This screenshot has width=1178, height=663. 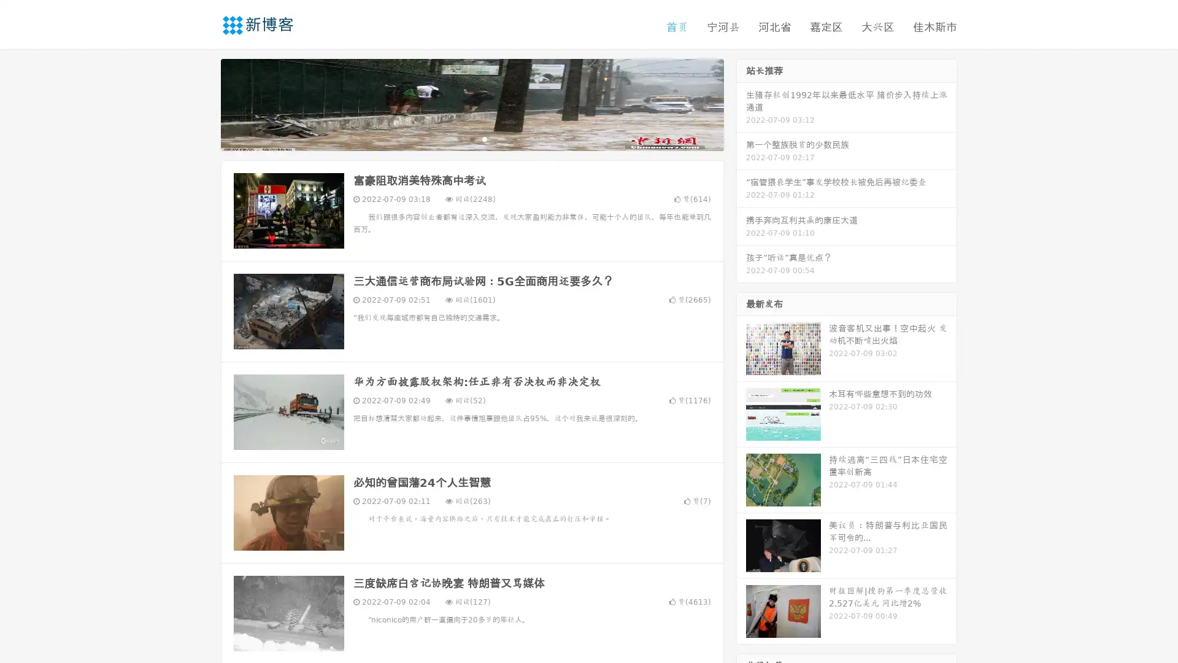 I want to click on Go to slide 3, so click(x=484, y=138).